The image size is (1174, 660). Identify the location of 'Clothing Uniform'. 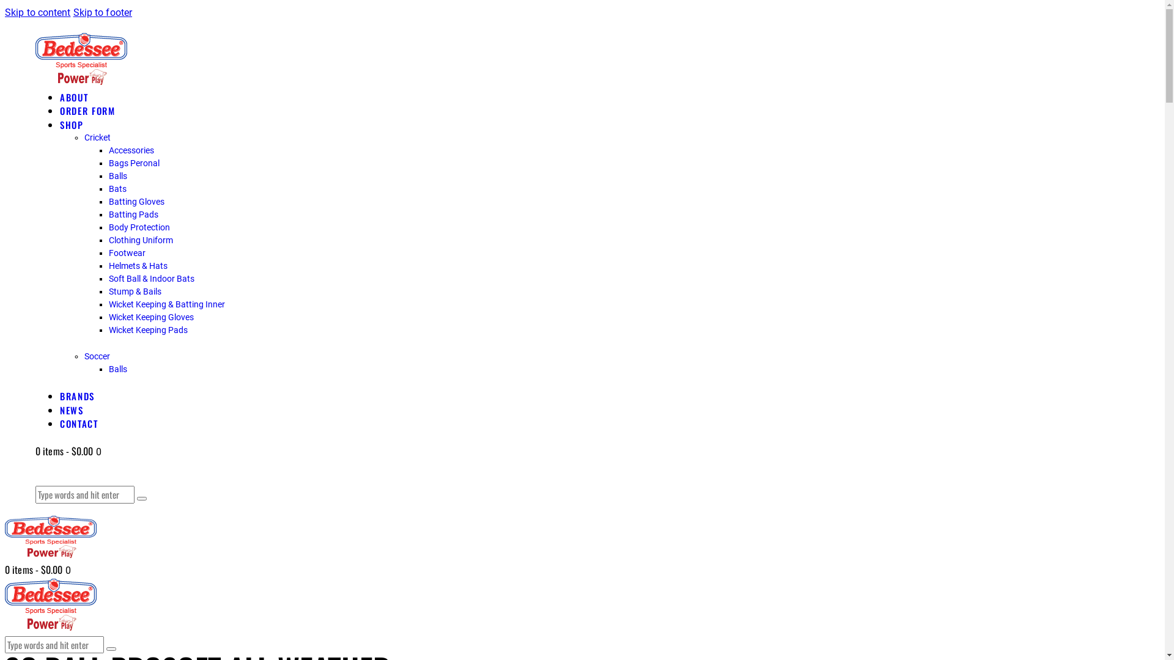
(141, 240).